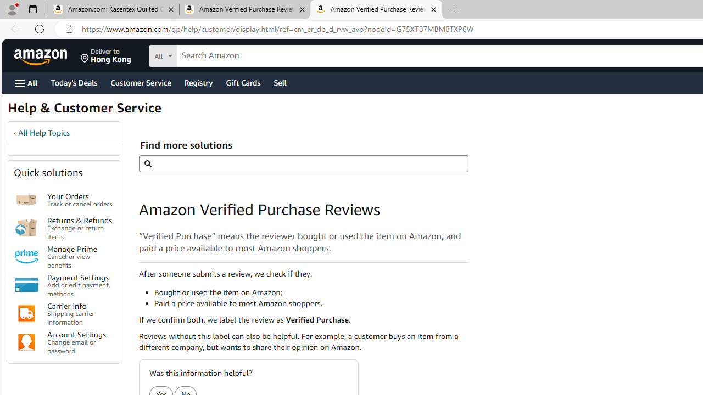  I want to click on 'Search in', so click(204, 54).